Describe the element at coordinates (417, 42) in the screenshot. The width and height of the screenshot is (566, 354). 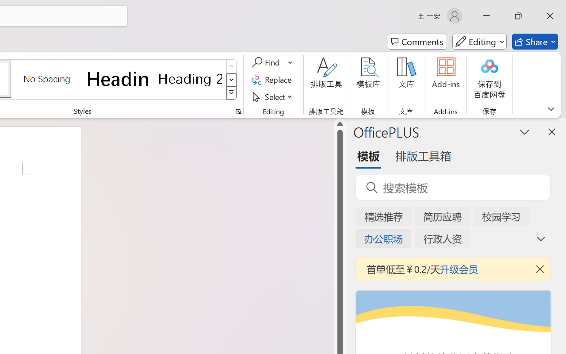
I see `'Comments'` at that location.